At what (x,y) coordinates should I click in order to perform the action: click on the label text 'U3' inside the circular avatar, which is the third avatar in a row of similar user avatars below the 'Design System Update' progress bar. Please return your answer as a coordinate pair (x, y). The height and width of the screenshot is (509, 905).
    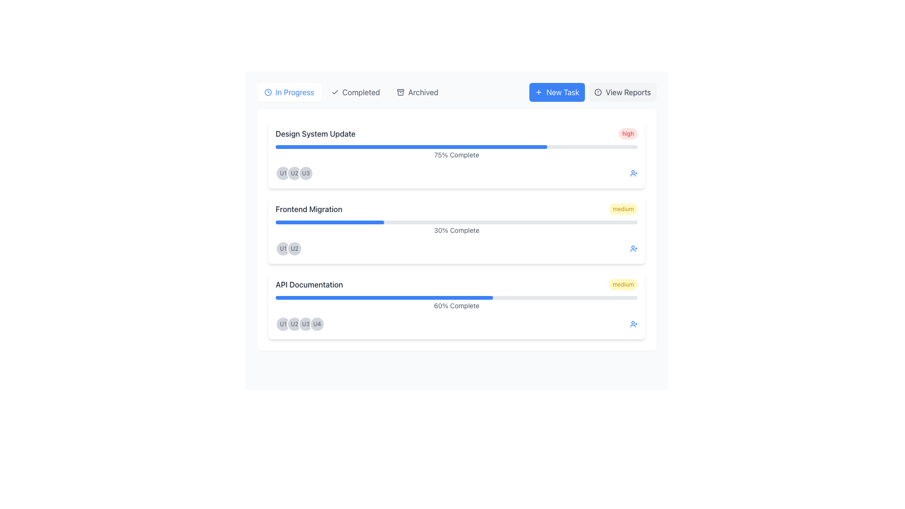
    Looking at the image, I should click on (305, 323).